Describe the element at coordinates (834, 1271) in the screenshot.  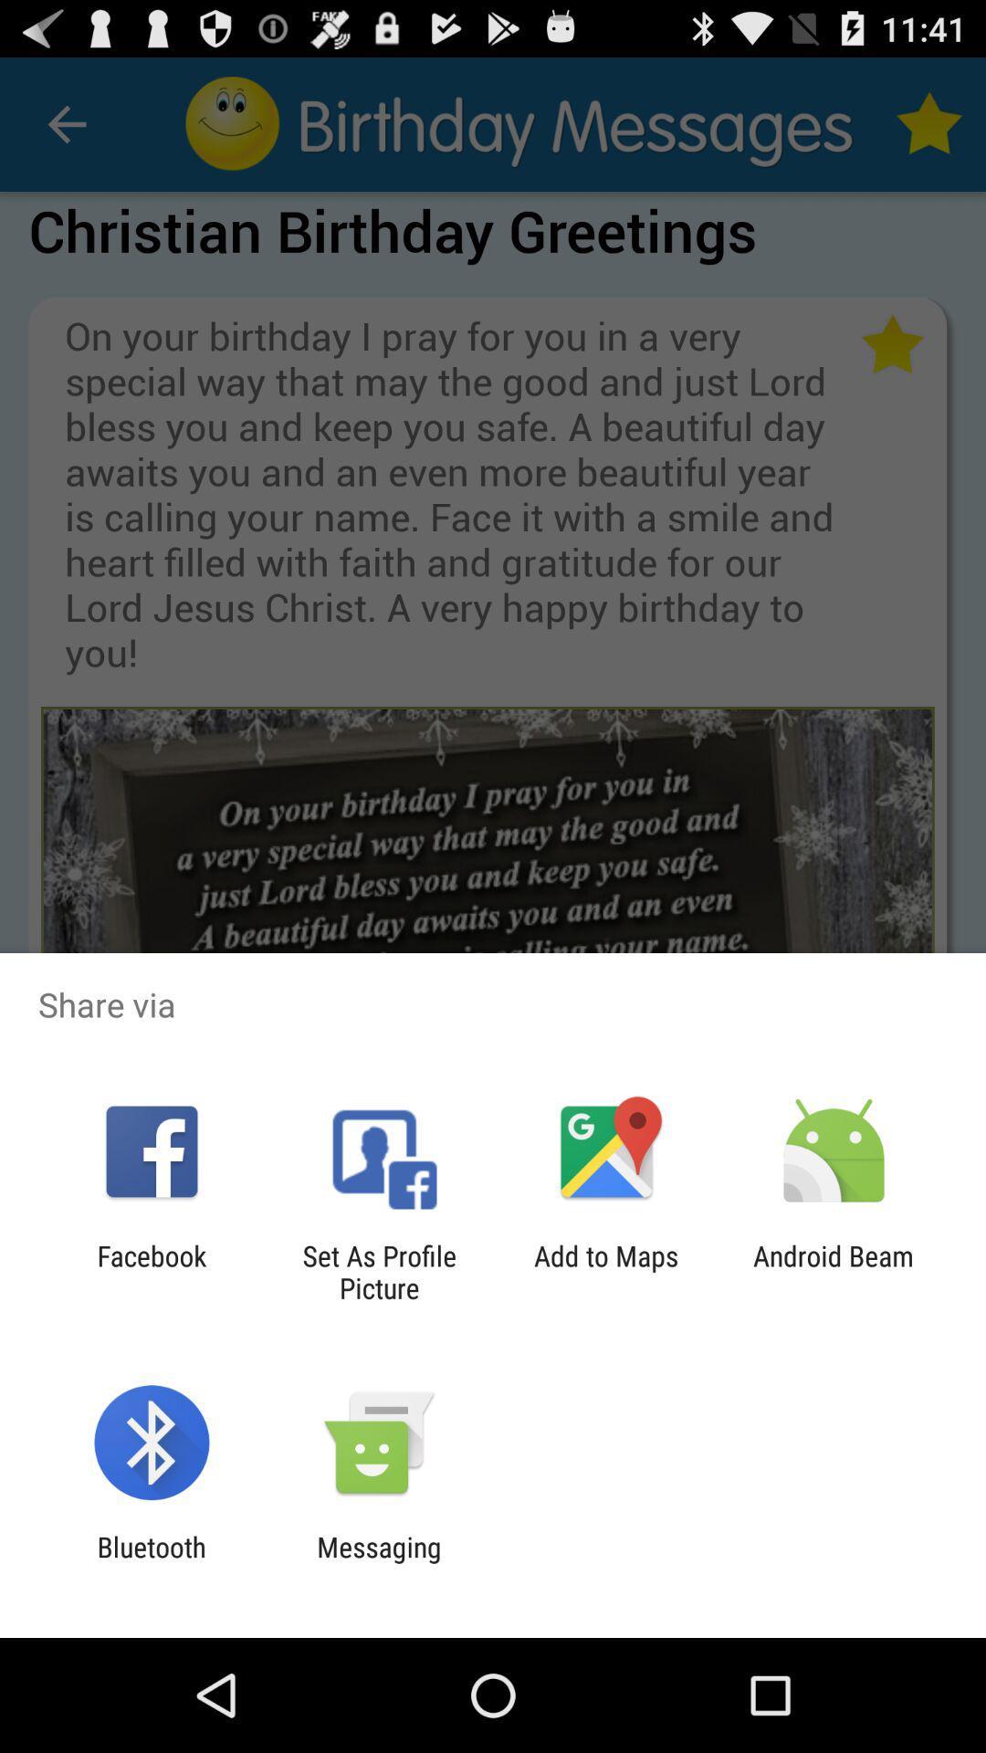
I see `the android beam item` at that location.